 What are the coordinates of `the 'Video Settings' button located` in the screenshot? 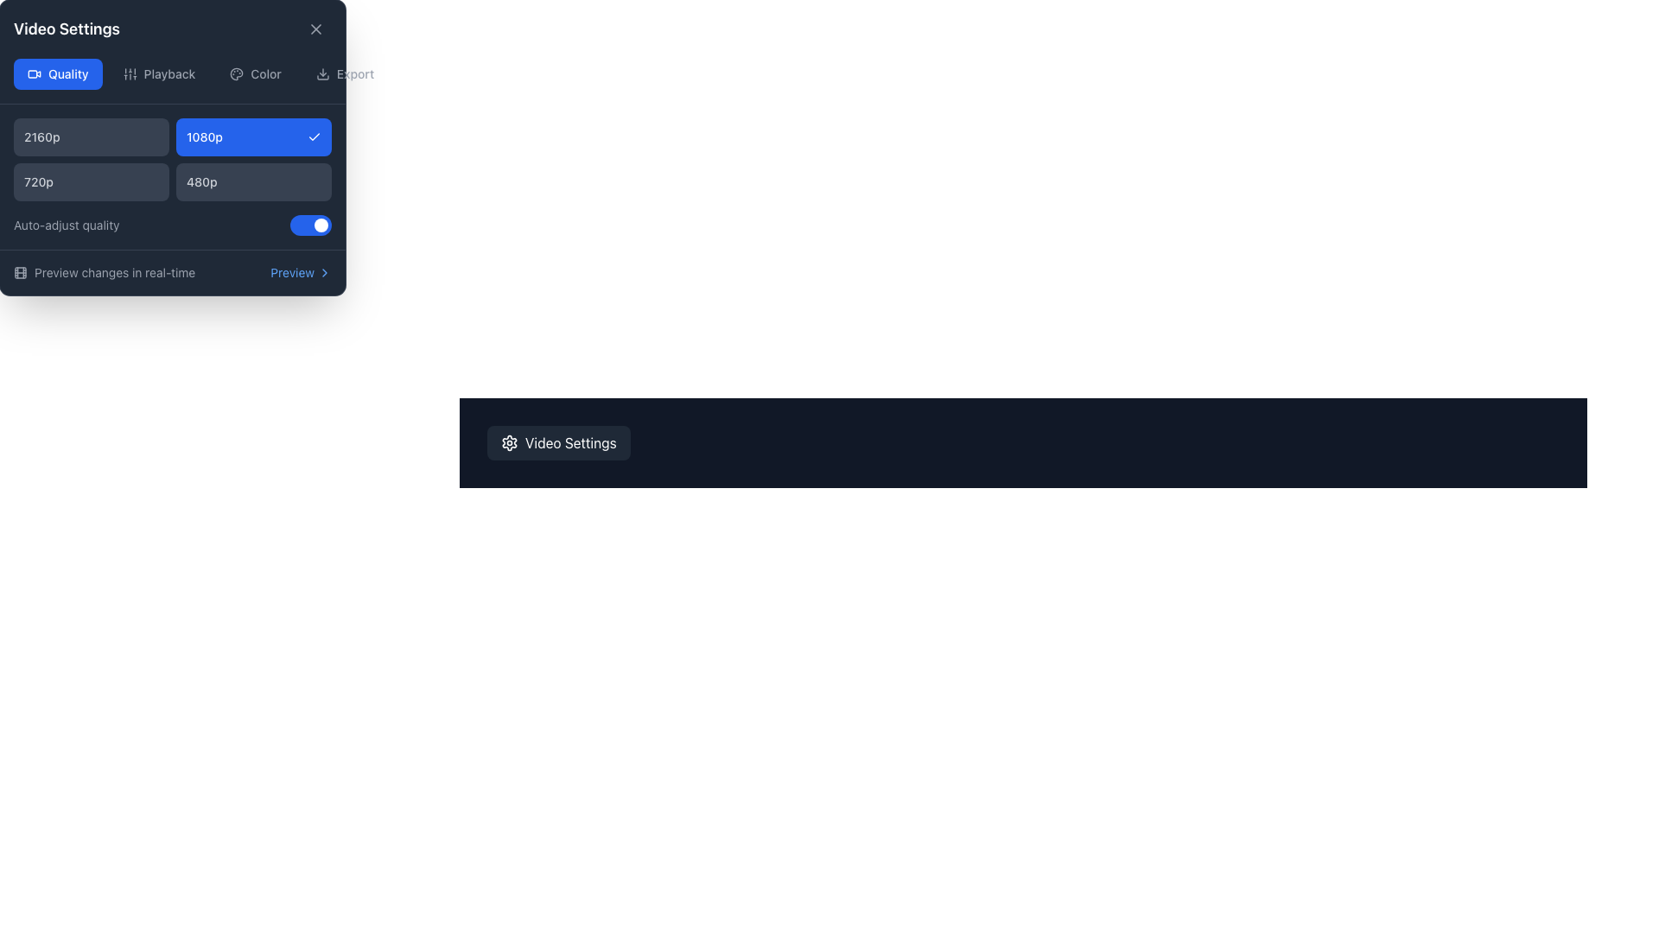 It's located at (558, 442).